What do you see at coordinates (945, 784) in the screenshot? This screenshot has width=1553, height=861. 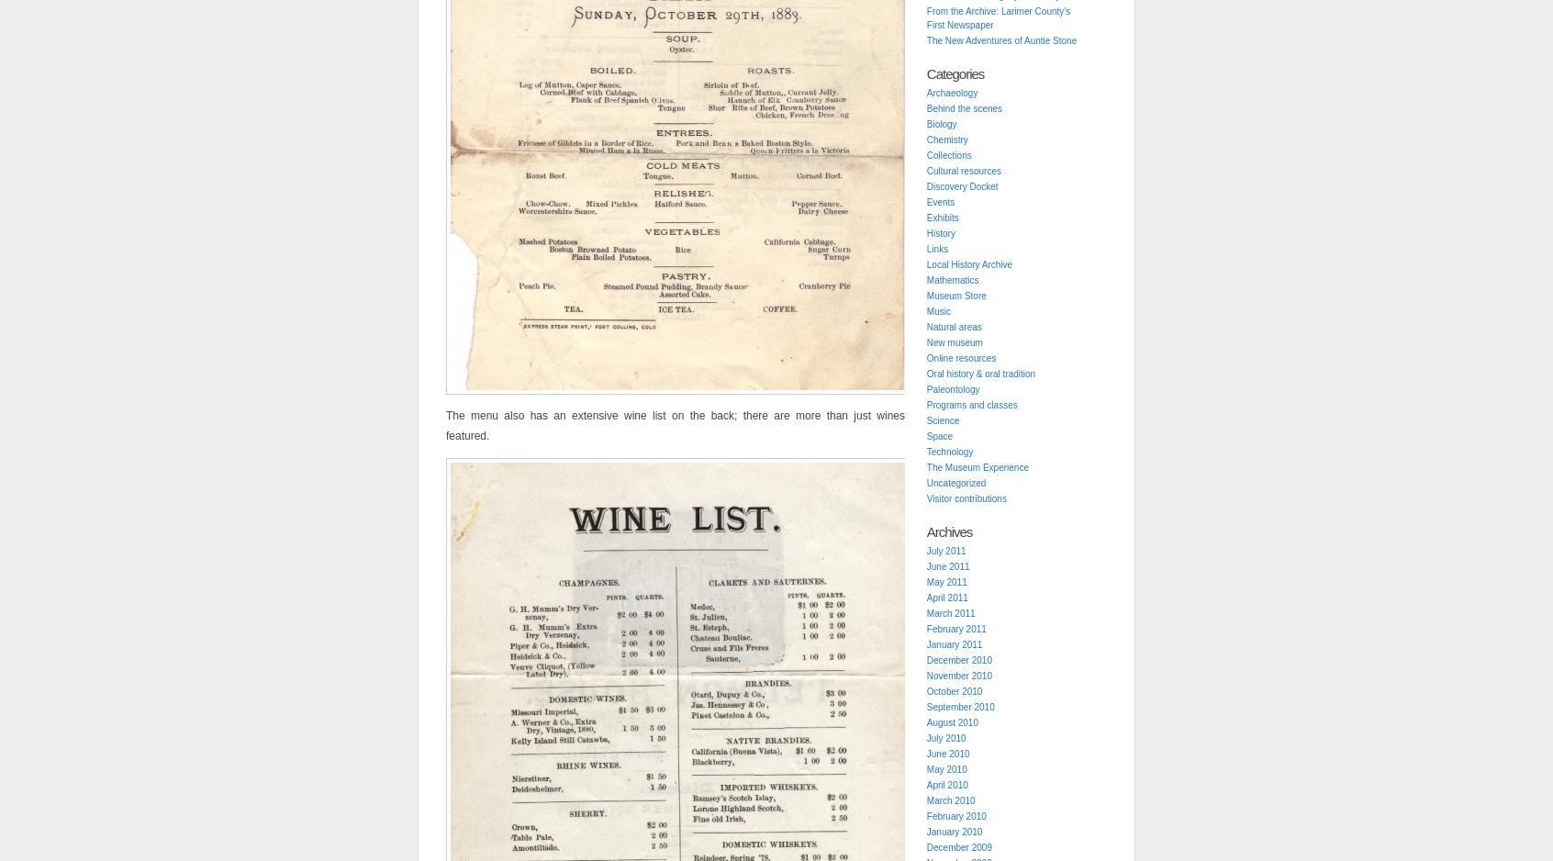 I see `'April 2010'` at bounding box center [945, 784].